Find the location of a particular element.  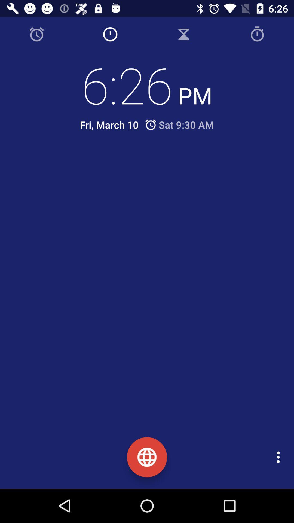

the more icon is located at coordinates (280, 457).